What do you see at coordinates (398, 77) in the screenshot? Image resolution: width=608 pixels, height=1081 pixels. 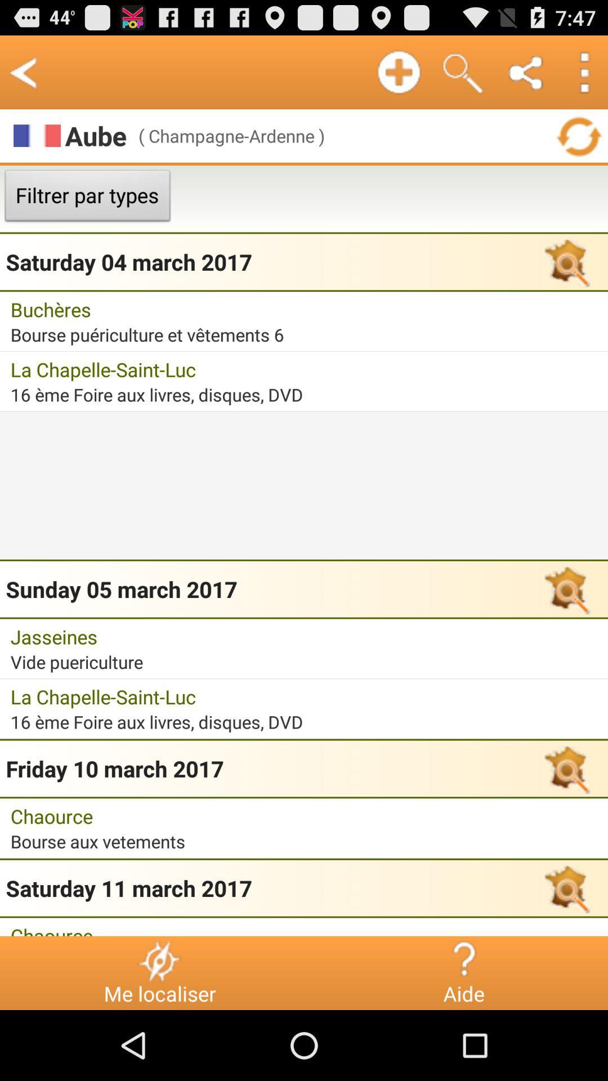 I see `the add icon` at bounding box center [398, 77].